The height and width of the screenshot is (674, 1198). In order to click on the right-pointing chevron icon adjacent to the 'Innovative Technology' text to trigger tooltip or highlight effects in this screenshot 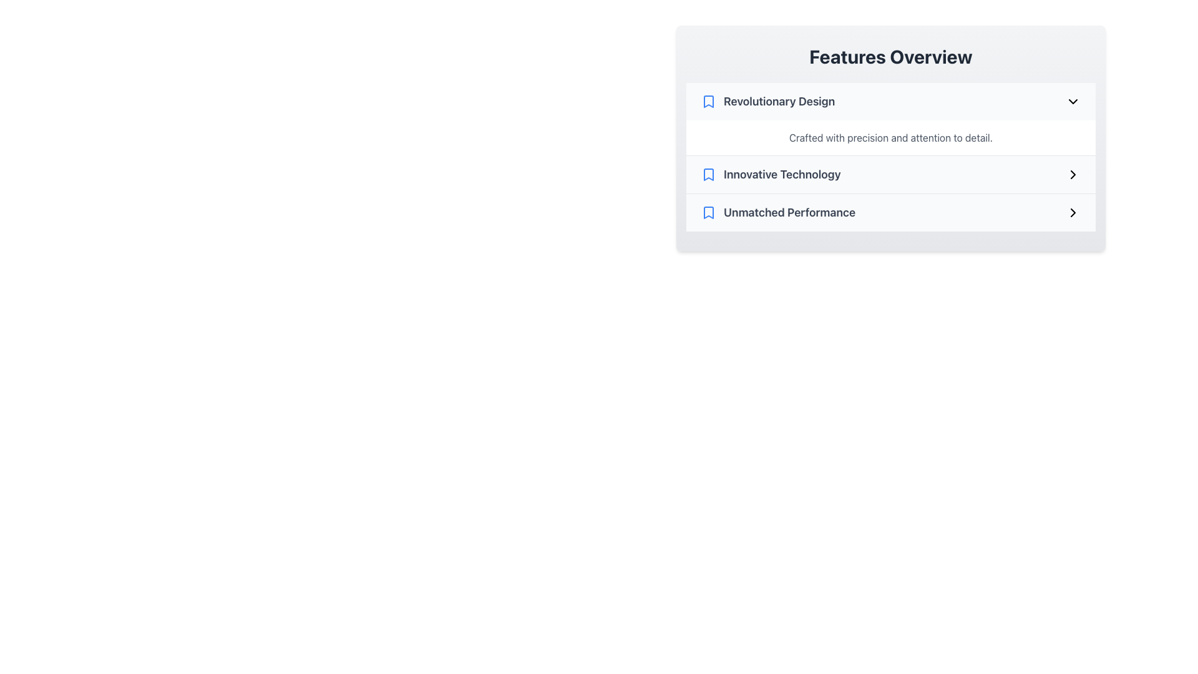, I will do `click(1072, 175)`.